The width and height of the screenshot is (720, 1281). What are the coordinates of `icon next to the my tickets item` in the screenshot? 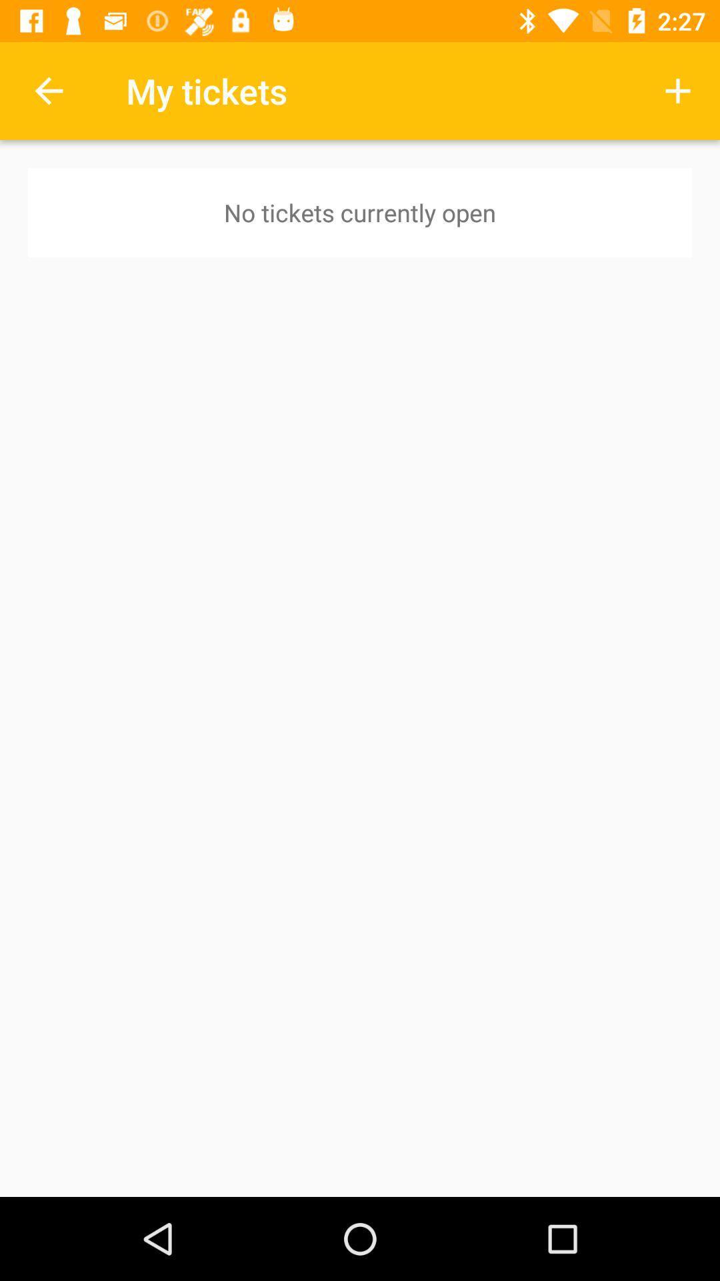 It's located at (678, 90).